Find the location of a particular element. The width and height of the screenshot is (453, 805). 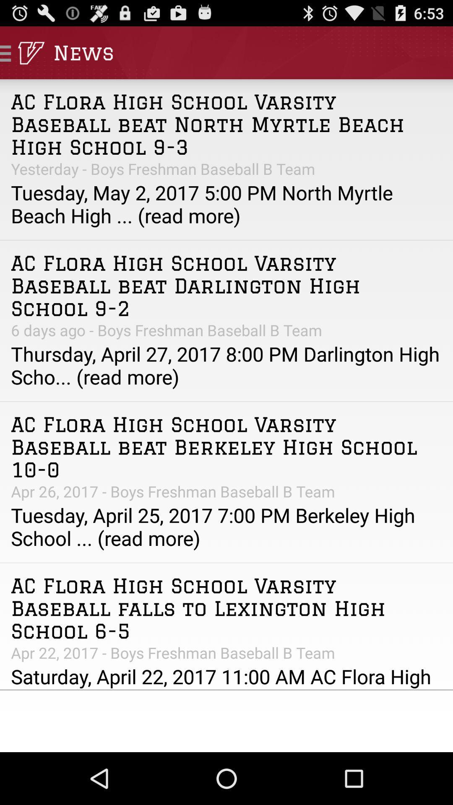

6 days ago app is located at coordinates (226, 330).